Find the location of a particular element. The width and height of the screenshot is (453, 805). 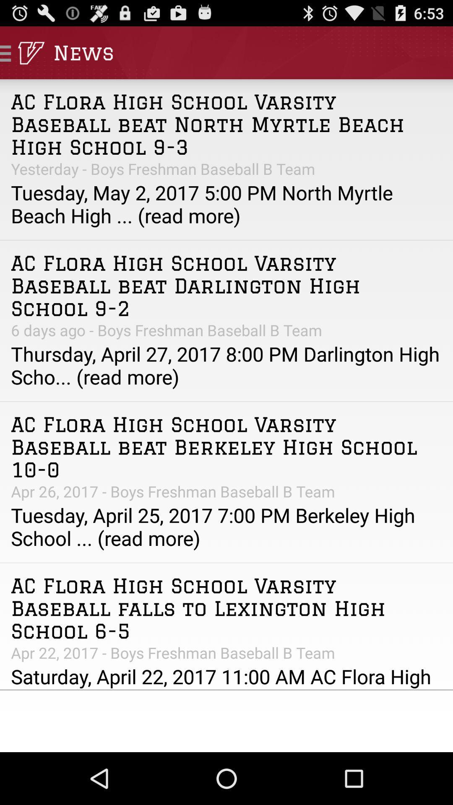

6 days ago app is located at coordinates (226, 330).